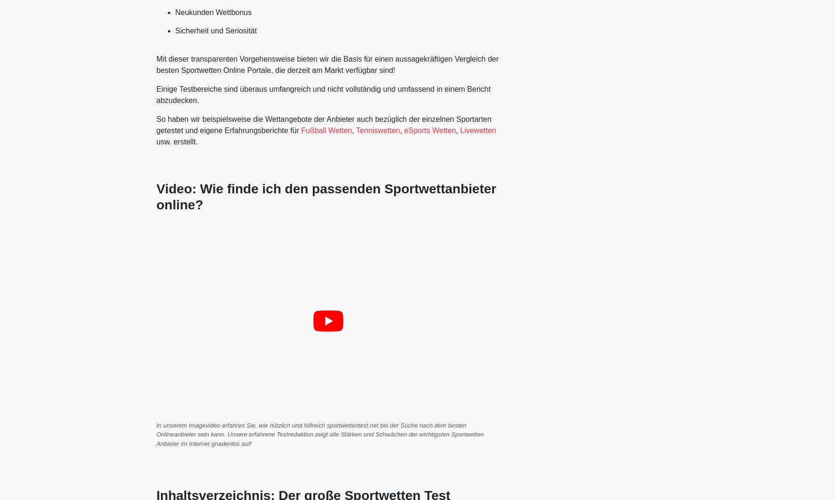 The width and height of the screenshot is (835, 500). I want to click on 'Einige Testbereiche sind überaus umfangreich und nicht vollständig und umfassend in einem Bericht abzudecken.', so click(322, 95).